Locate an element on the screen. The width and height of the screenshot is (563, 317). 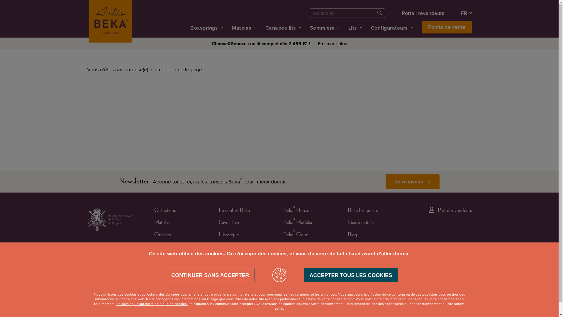
'Historique' is located at coordinates (228, 235).